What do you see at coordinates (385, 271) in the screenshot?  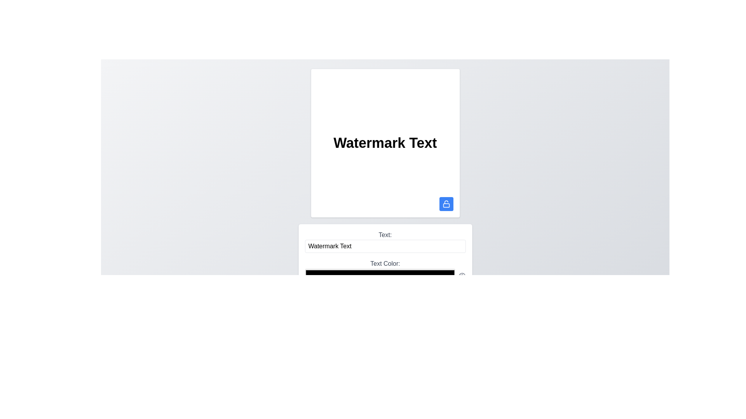 I see `the associated color value by clicking on the 'Text Color:' label which is gray and located centrally in the box below 'Watermark Text' and above 'Rotation:'` at bounding box center [385, 271].